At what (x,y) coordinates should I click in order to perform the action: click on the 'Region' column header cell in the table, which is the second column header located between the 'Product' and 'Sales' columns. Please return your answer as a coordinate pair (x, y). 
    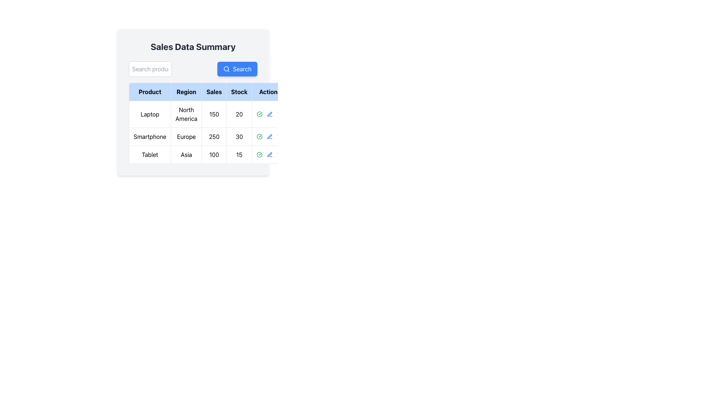
    Looking at the image, I should click on (186, 92).